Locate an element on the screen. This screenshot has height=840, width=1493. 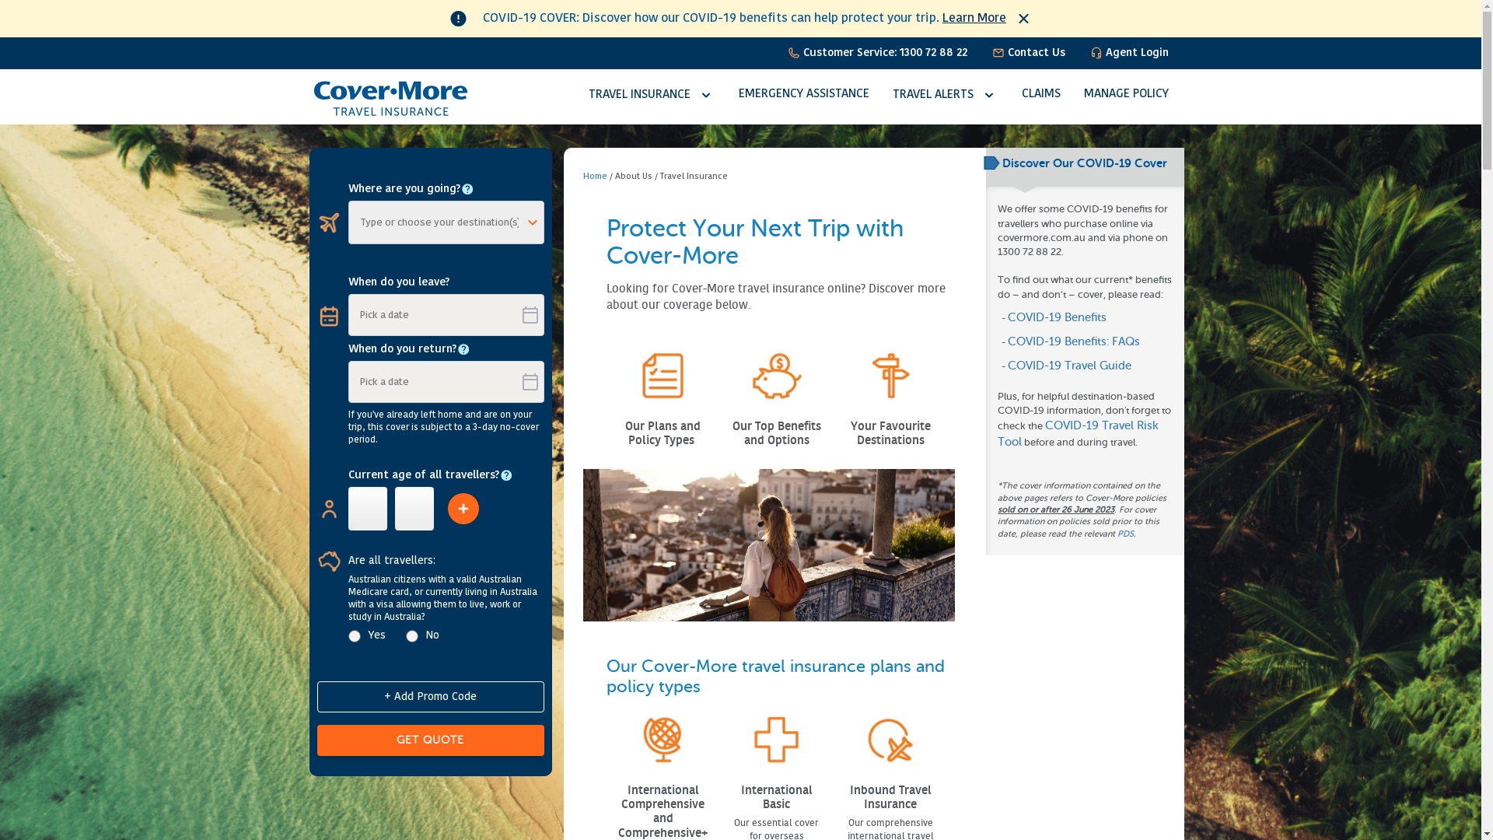
'TRAVEL INSURANCE' is located at coordinates (651, 95).